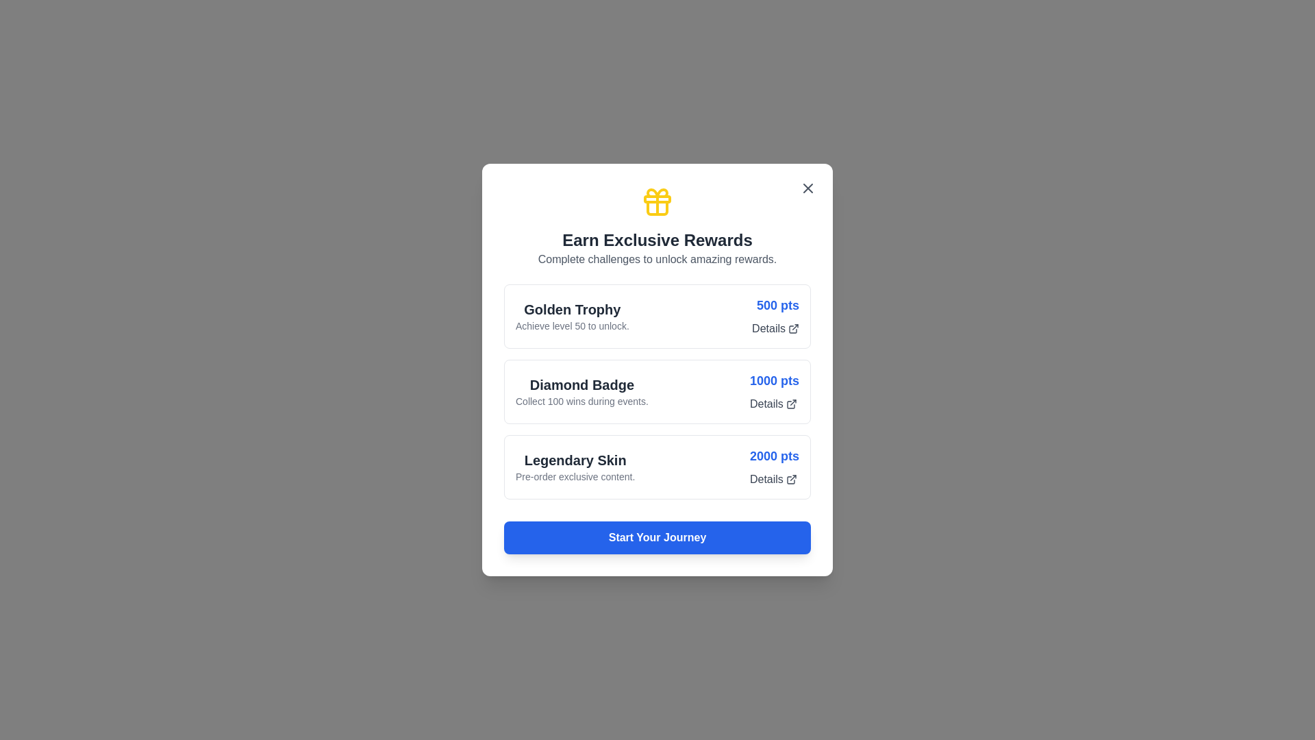  Describe the element at coordinates (773, 478) in the screenshot. I see `the hyperlink with an external reference icon that provides additional information about the 'Legendary Skin' reward, located in the bottom section of the reward listing in the modal` at that location.